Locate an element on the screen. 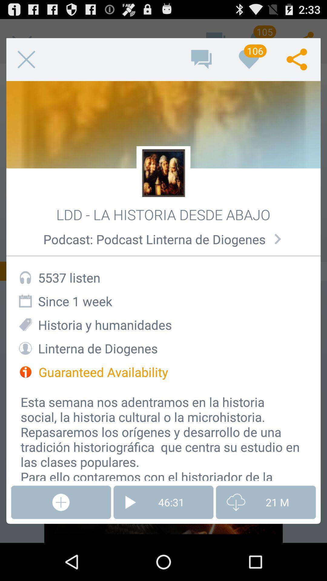 The height and width of the screenshot is (581, 327). item next to the 21 m icon is located at coordinates (163, 502).